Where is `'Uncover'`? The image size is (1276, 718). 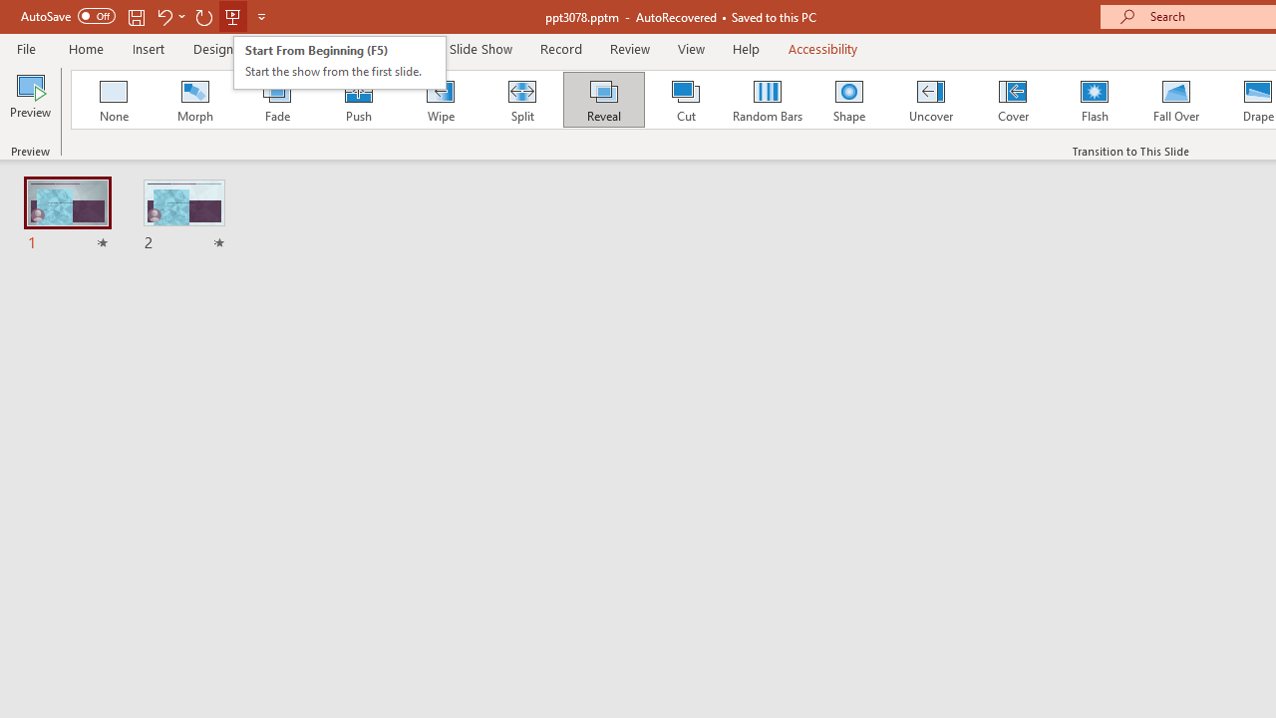
'Uncover' is located at coordinates (930, 100).